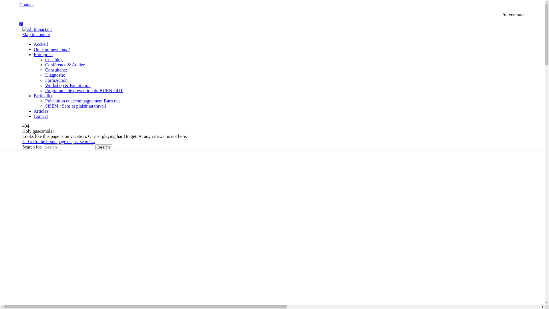  I want to click on 'Workshop & Facilitation', so click(68, 85).